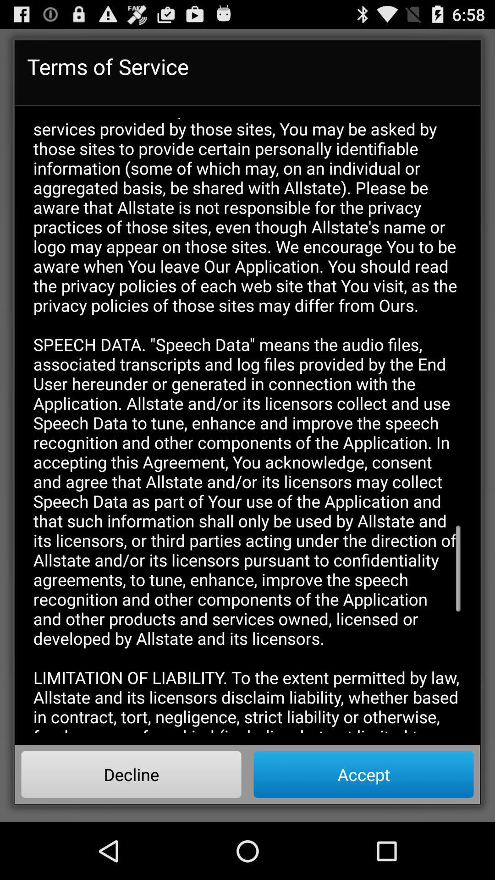 The width and height of the screenshot is (495, 880). I want to click on the icon to the left of accept button, so click(131, 774).